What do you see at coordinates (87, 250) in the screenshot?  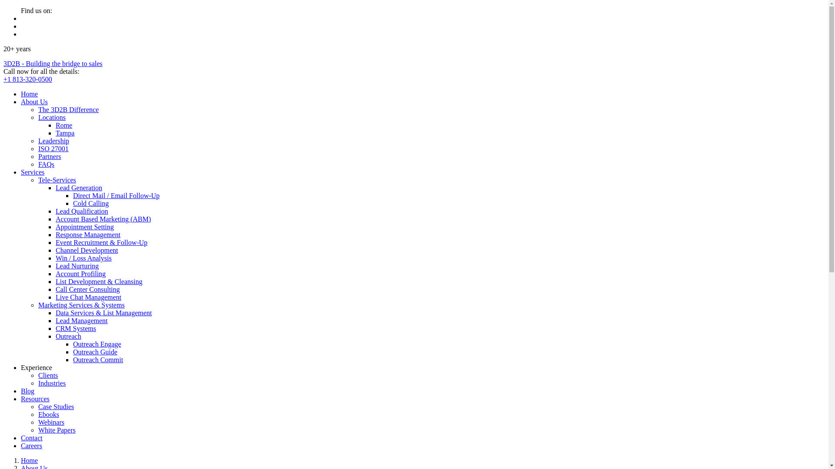 I see `'Channel Development'` at bounding box center [87, 250].